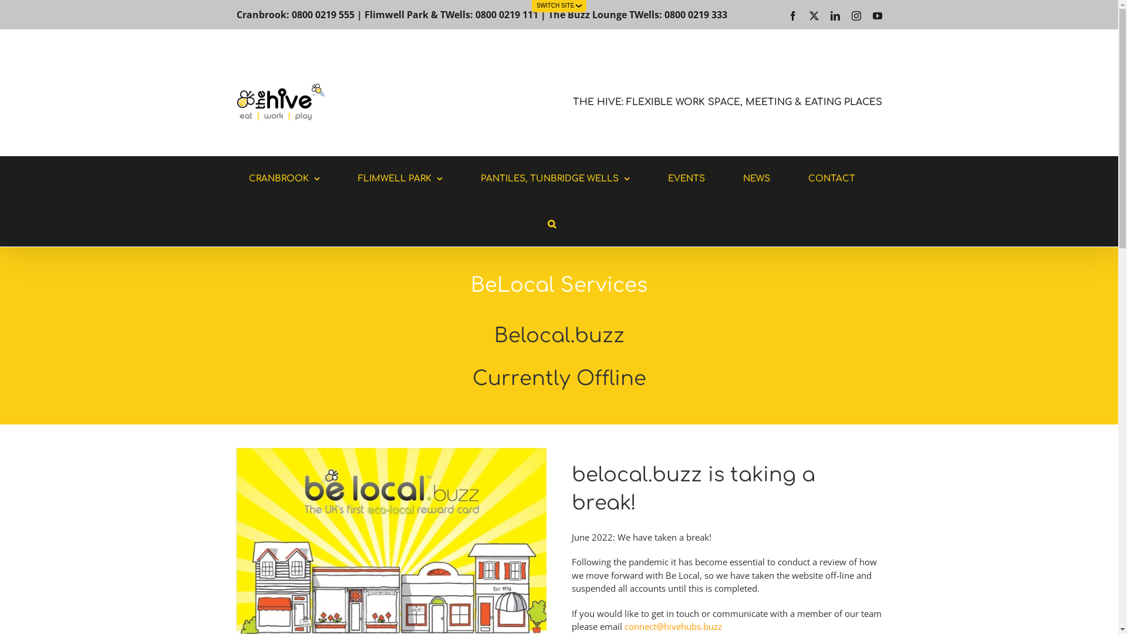 This screenshot has height=634, width=1127. I want to click on 'LinkedIn', so click(834, 16).